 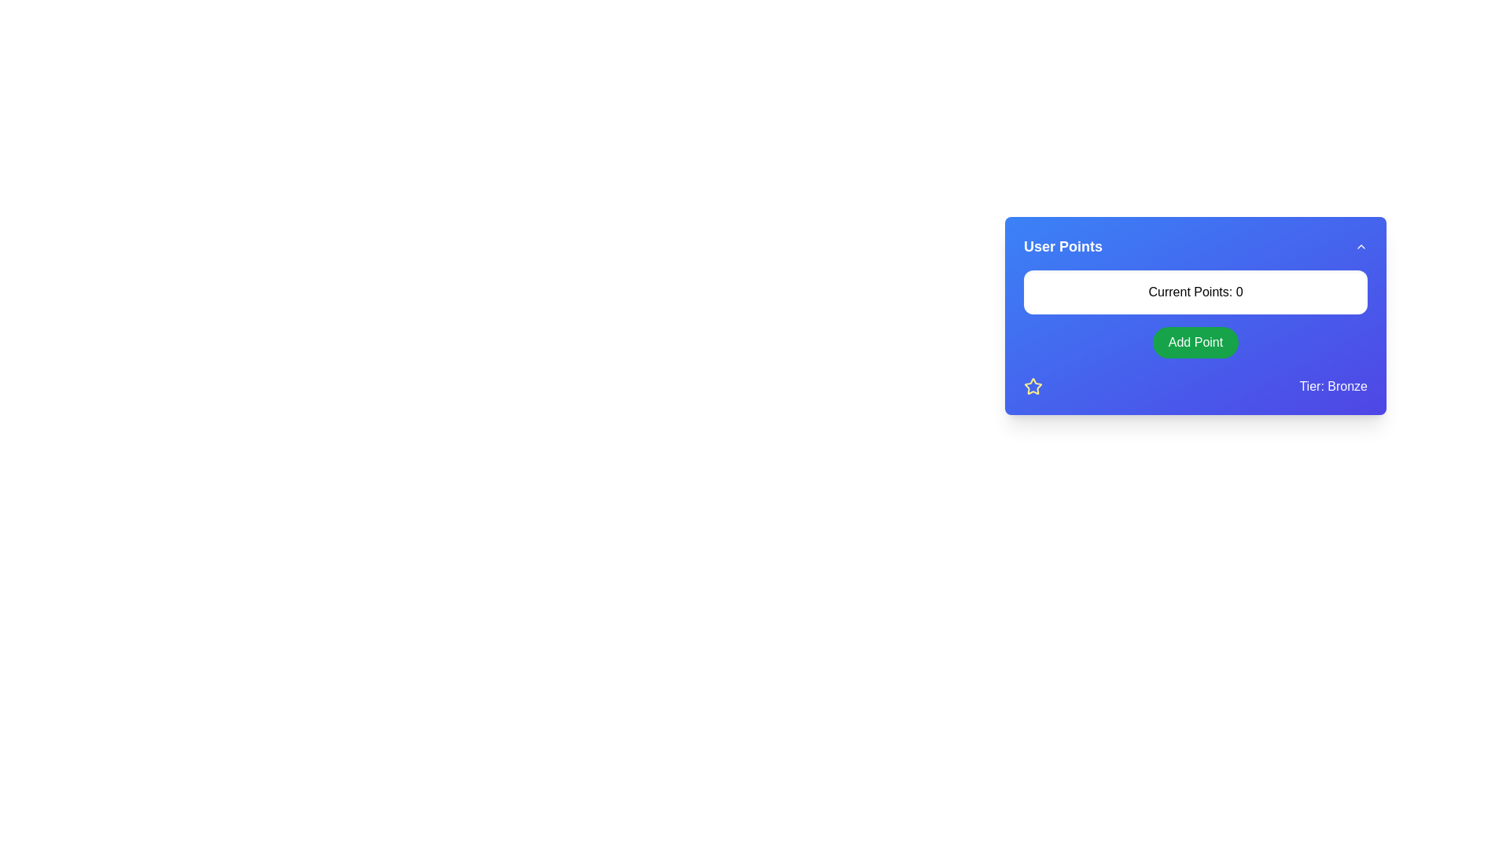 I want to click on the text label displaying 'Tier: Bronze', which is styled with a medium-weight font in white color against a blue background, located at the bottom-right corner of the blue card interface, so click(x=1332, y=386).